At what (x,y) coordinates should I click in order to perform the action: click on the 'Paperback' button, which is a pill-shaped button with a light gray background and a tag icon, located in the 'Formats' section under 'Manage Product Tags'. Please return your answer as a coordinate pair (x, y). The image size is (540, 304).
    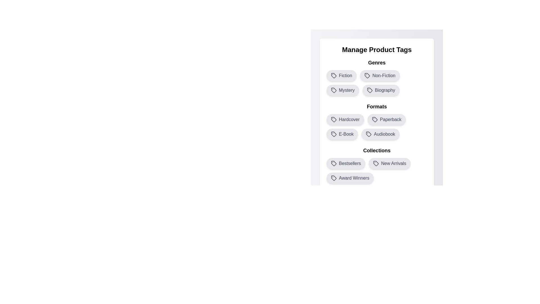
    Looking at the image, I should click on (386, 119).